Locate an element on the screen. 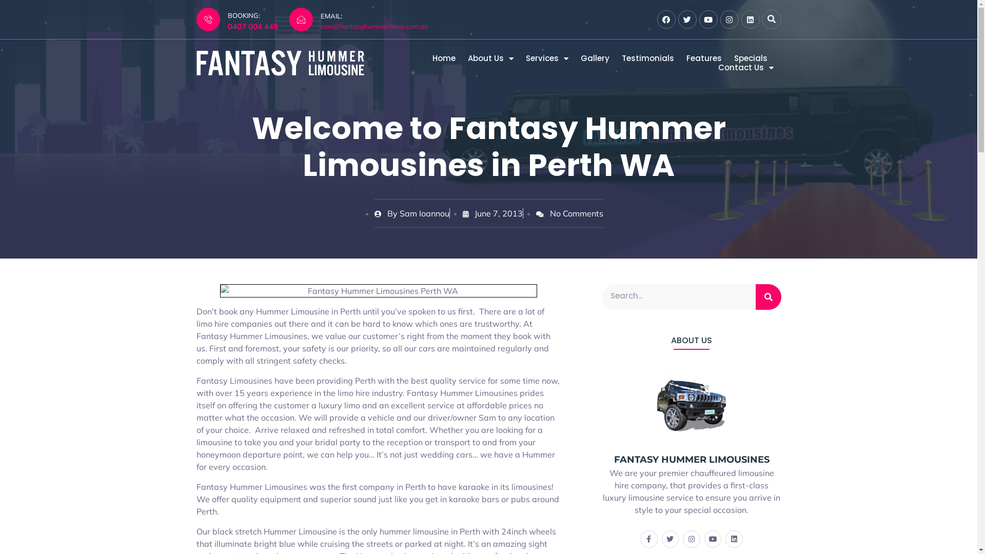 Image resolution: width=985 pixels, height=554 pixels. 'Services' is located at coordinates (546, 58).